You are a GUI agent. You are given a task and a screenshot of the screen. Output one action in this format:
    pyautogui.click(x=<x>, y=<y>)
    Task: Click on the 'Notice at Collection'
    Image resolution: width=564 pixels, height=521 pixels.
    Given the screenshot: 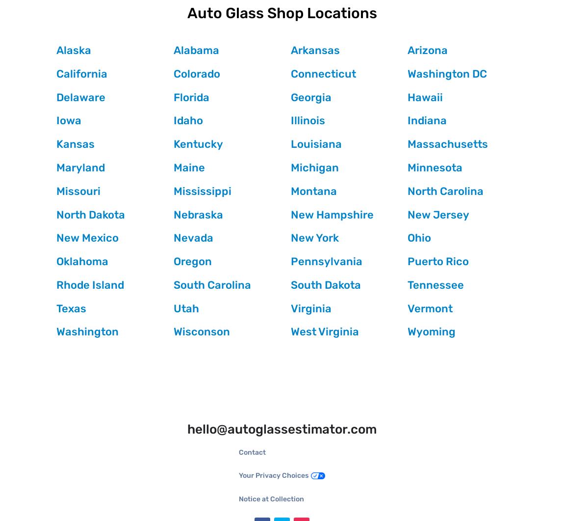 What is the action you would take?
    pyautogui.click(x=271, y=498)
    